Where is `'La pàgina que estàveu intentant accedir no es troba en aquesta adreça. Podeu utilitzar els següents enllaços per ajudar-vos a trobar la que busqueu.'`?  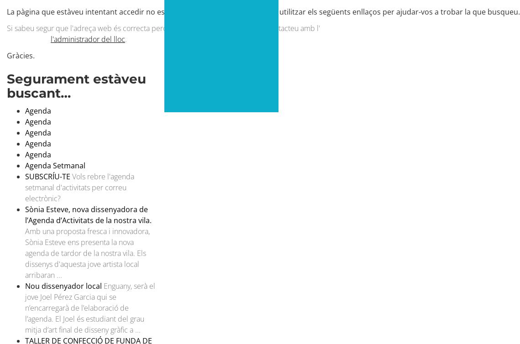
'La pàgina que estàveu intentant accedir no es troba en aquesta adreça. Podeu utilitzar els següents enllaços per ajudar-vos a trobar la que busqueu.' is located at coordinates (263, 11).